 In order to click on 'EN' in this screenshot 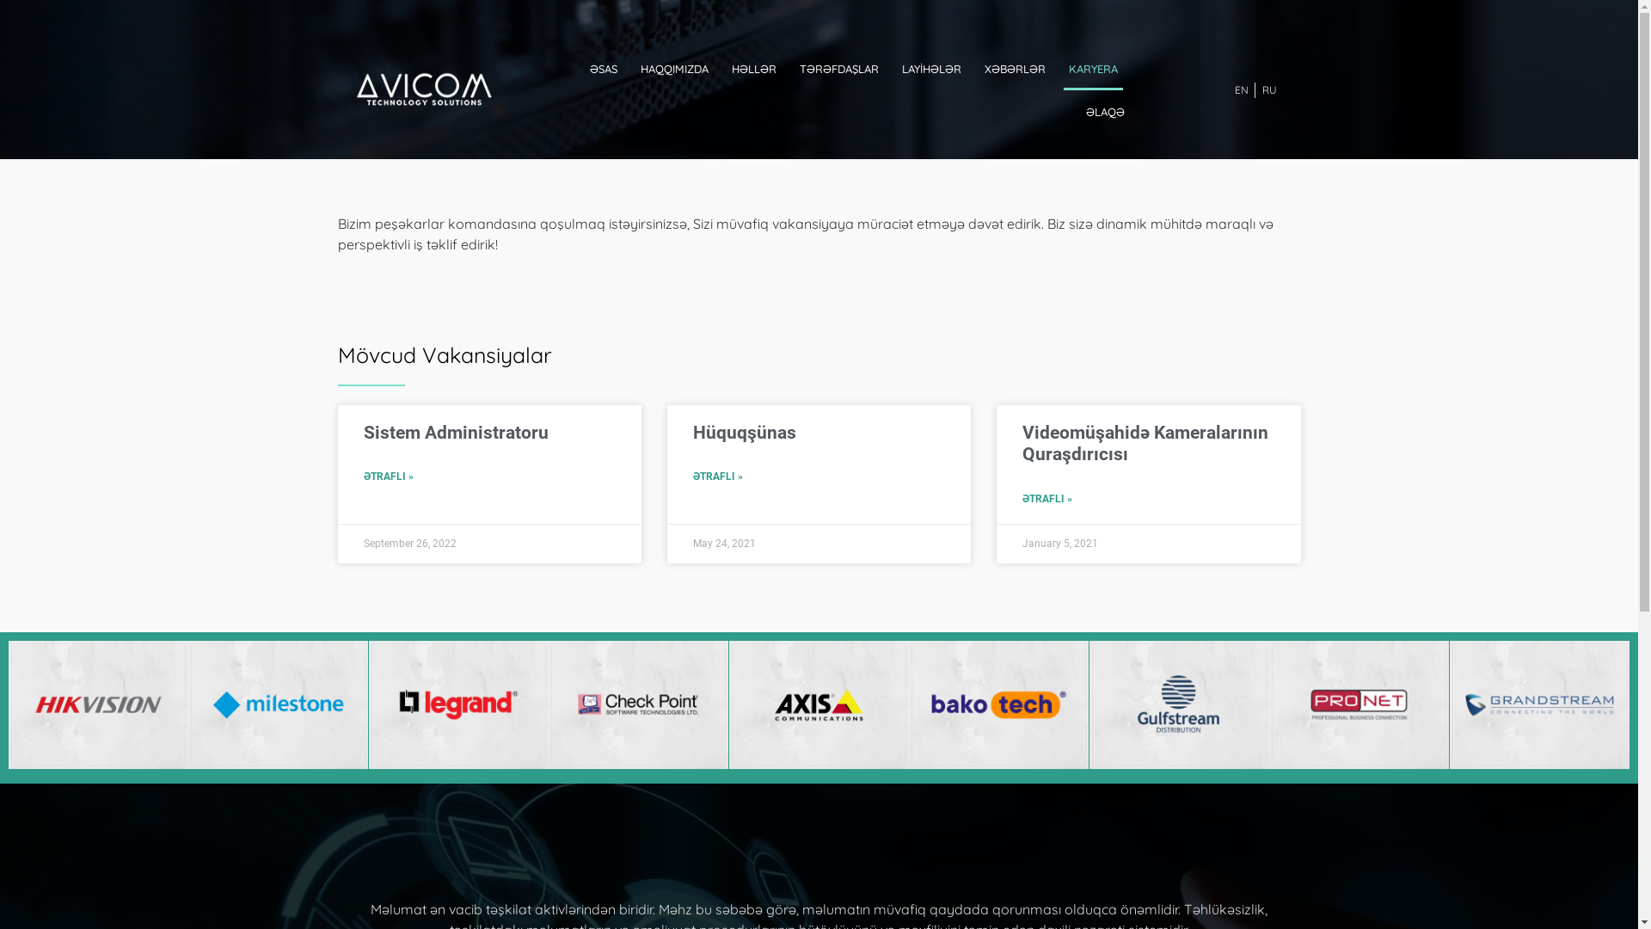, I will do `click(1242, 89)`.